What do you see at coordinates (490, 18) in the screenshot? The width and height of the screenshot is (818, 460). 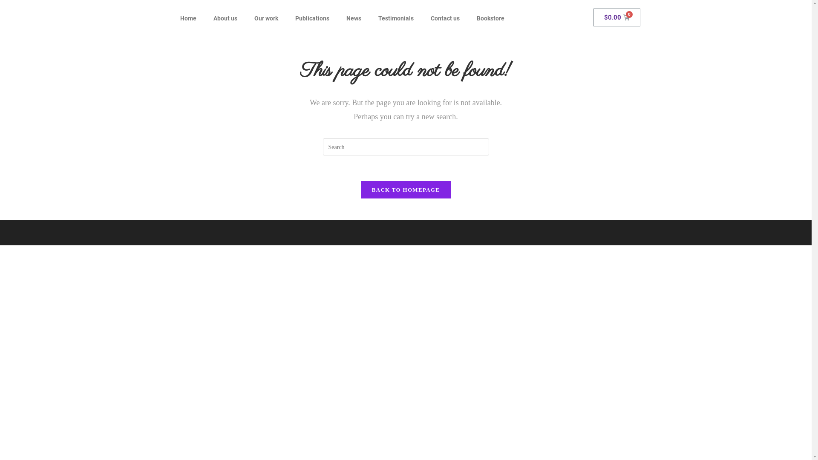 I see `'Bookstore'` at bounding box center [490, 18].